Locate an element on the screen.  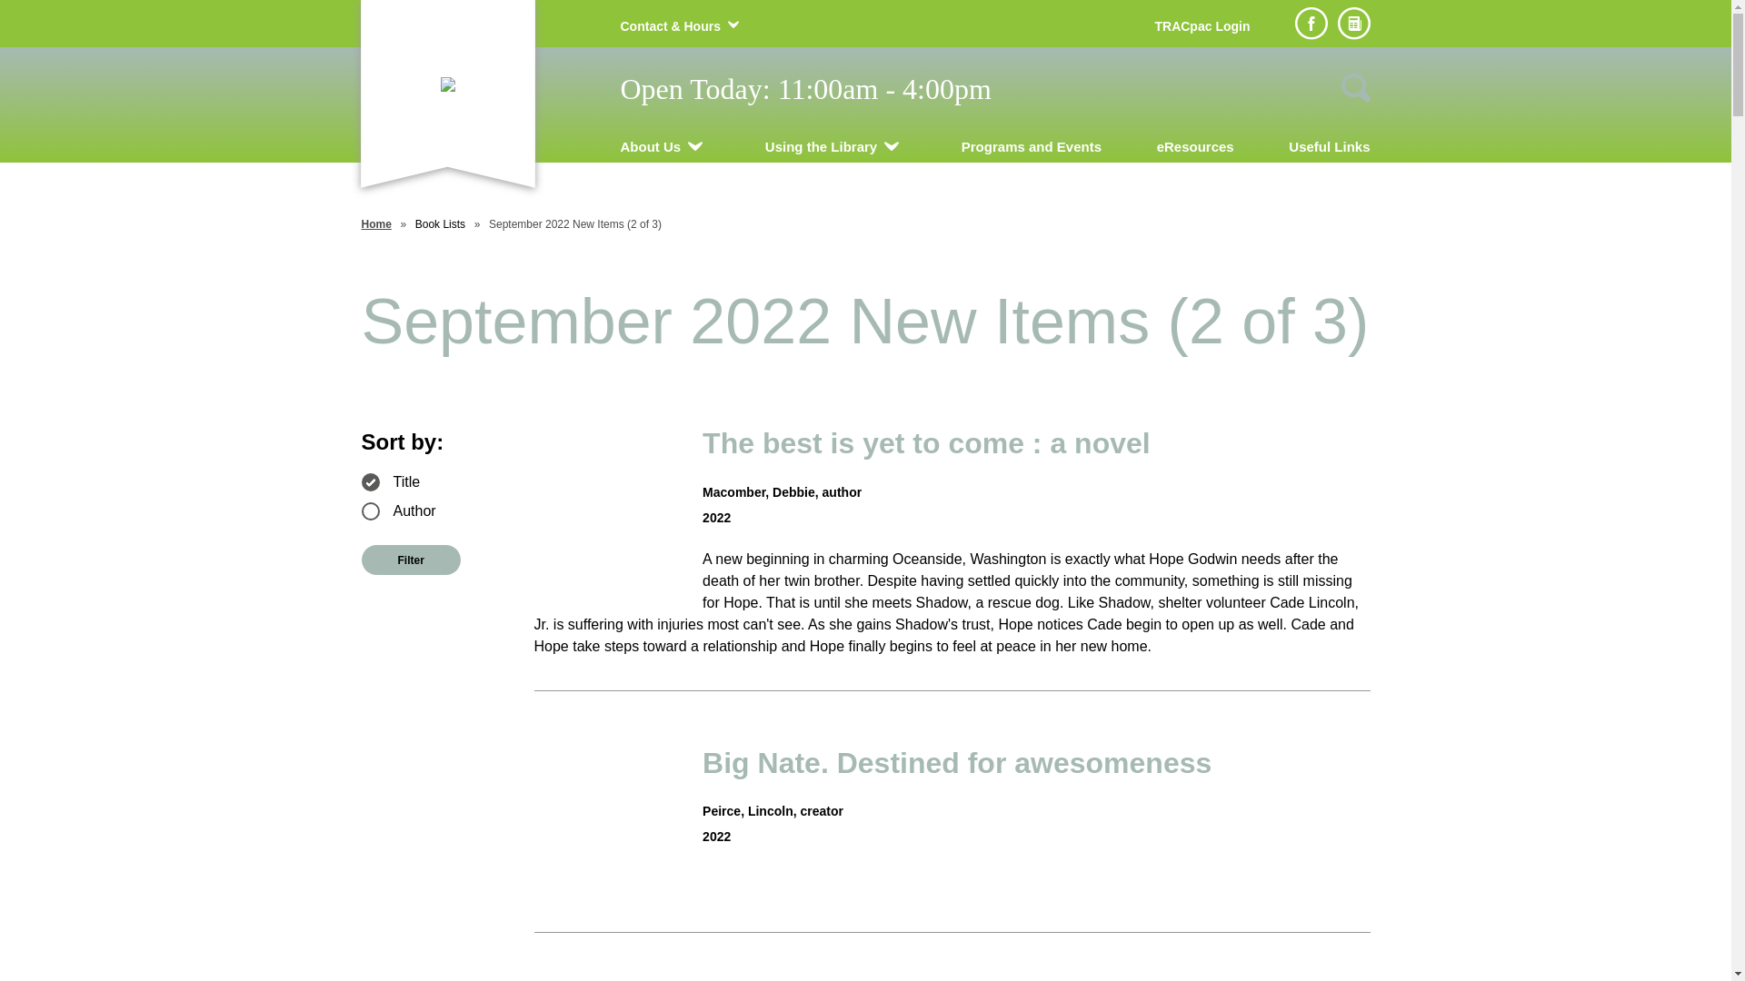
'The best is yet to come : a novel' is located at coordinates (533, 443).